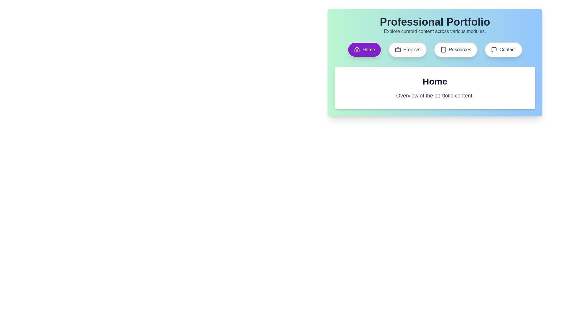  What do you see at coordinates (503, 49) in the screenshot?
I see `the Contact tab to see the hover effect` at bounding box center [503, 49].